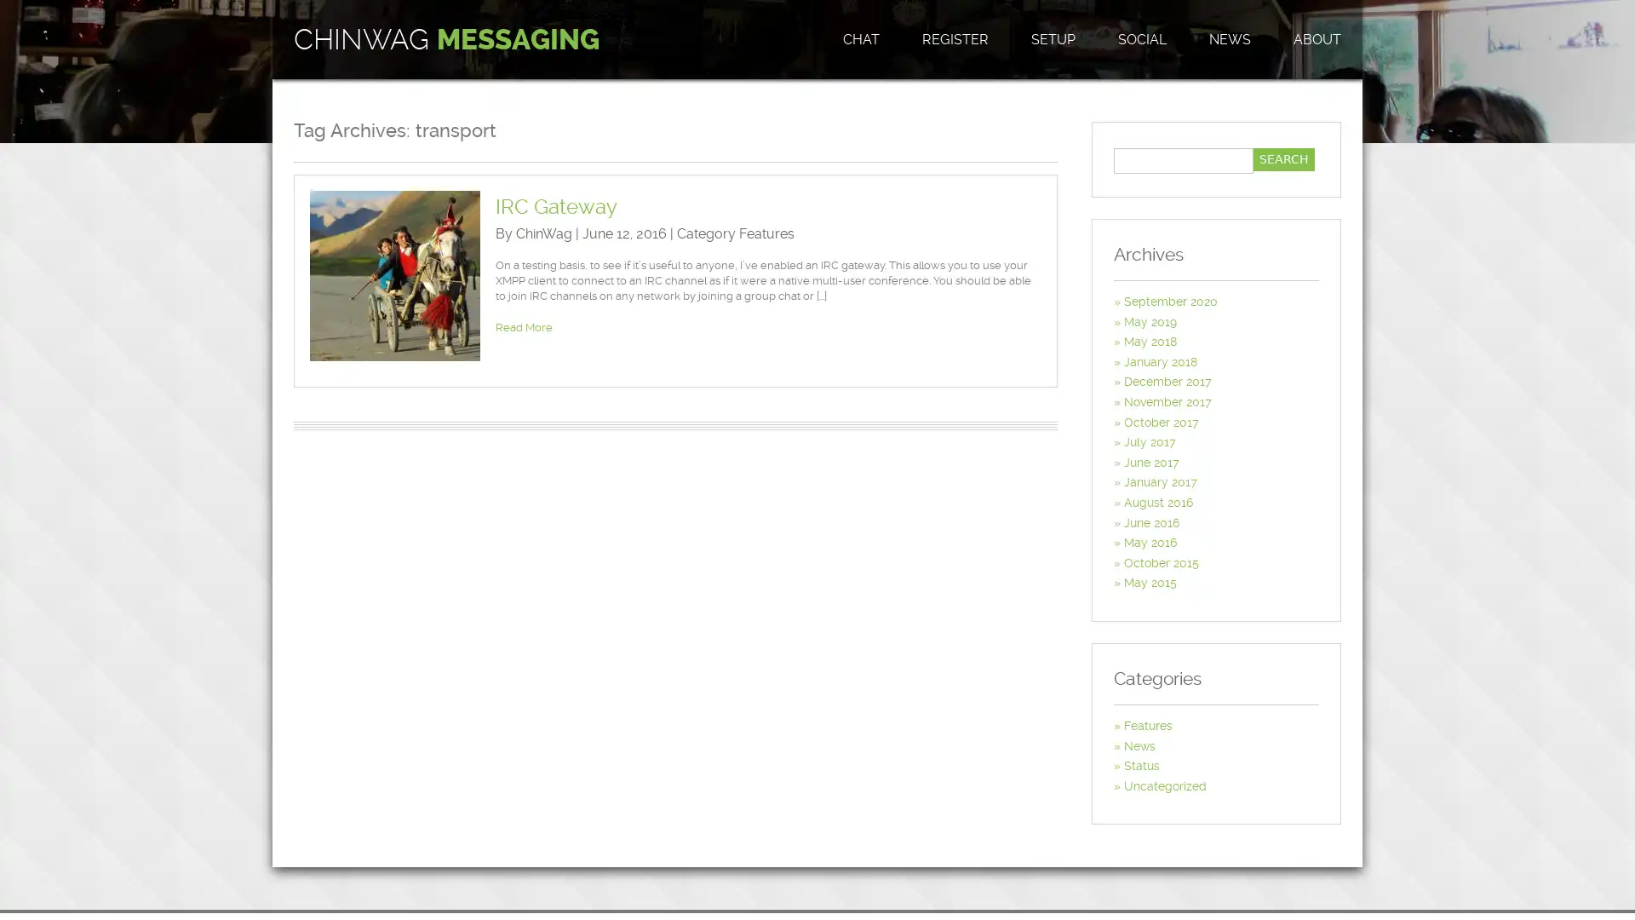 This screenshot has height=920, width=1635. What do you see at coordinates (1283, 159) in the screenshot?
I see `Search` at bounding box center [1283, 159].